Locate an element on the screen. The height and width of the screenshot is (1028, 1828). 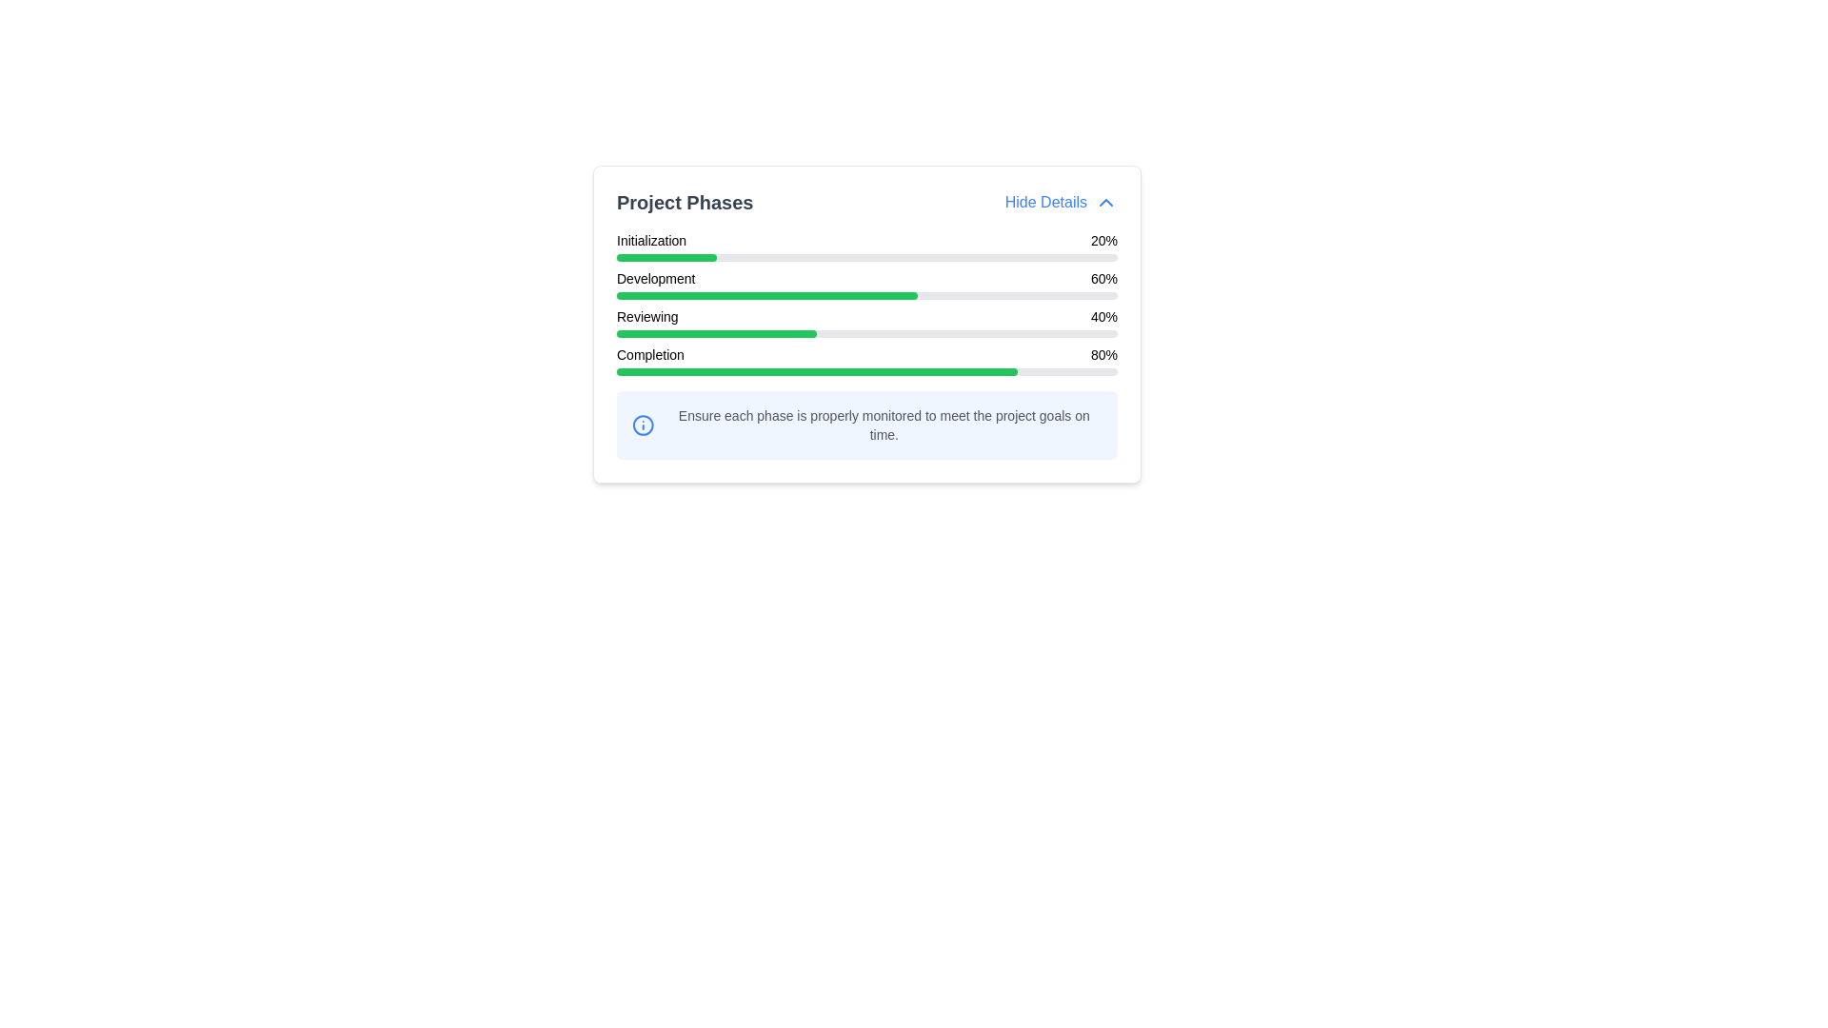
the 'Hide Details' link styled in blue text with an upward arrow icon, positioned to the right of the 'Project Phases' title text, to trigger its hover-state is located at coordinates (1060, 202).